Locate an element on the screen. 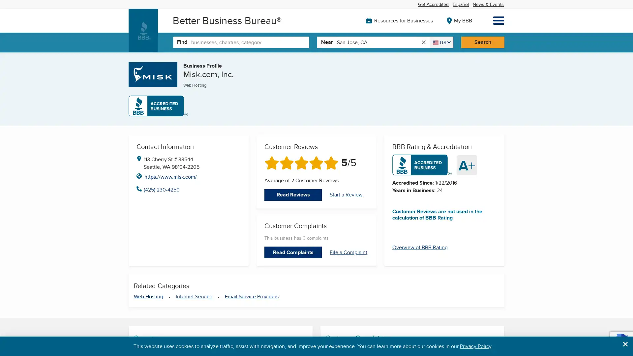 Image resolution: width=633 pixels, height=356 pixels. clear search is located at coordinates (423, 42).